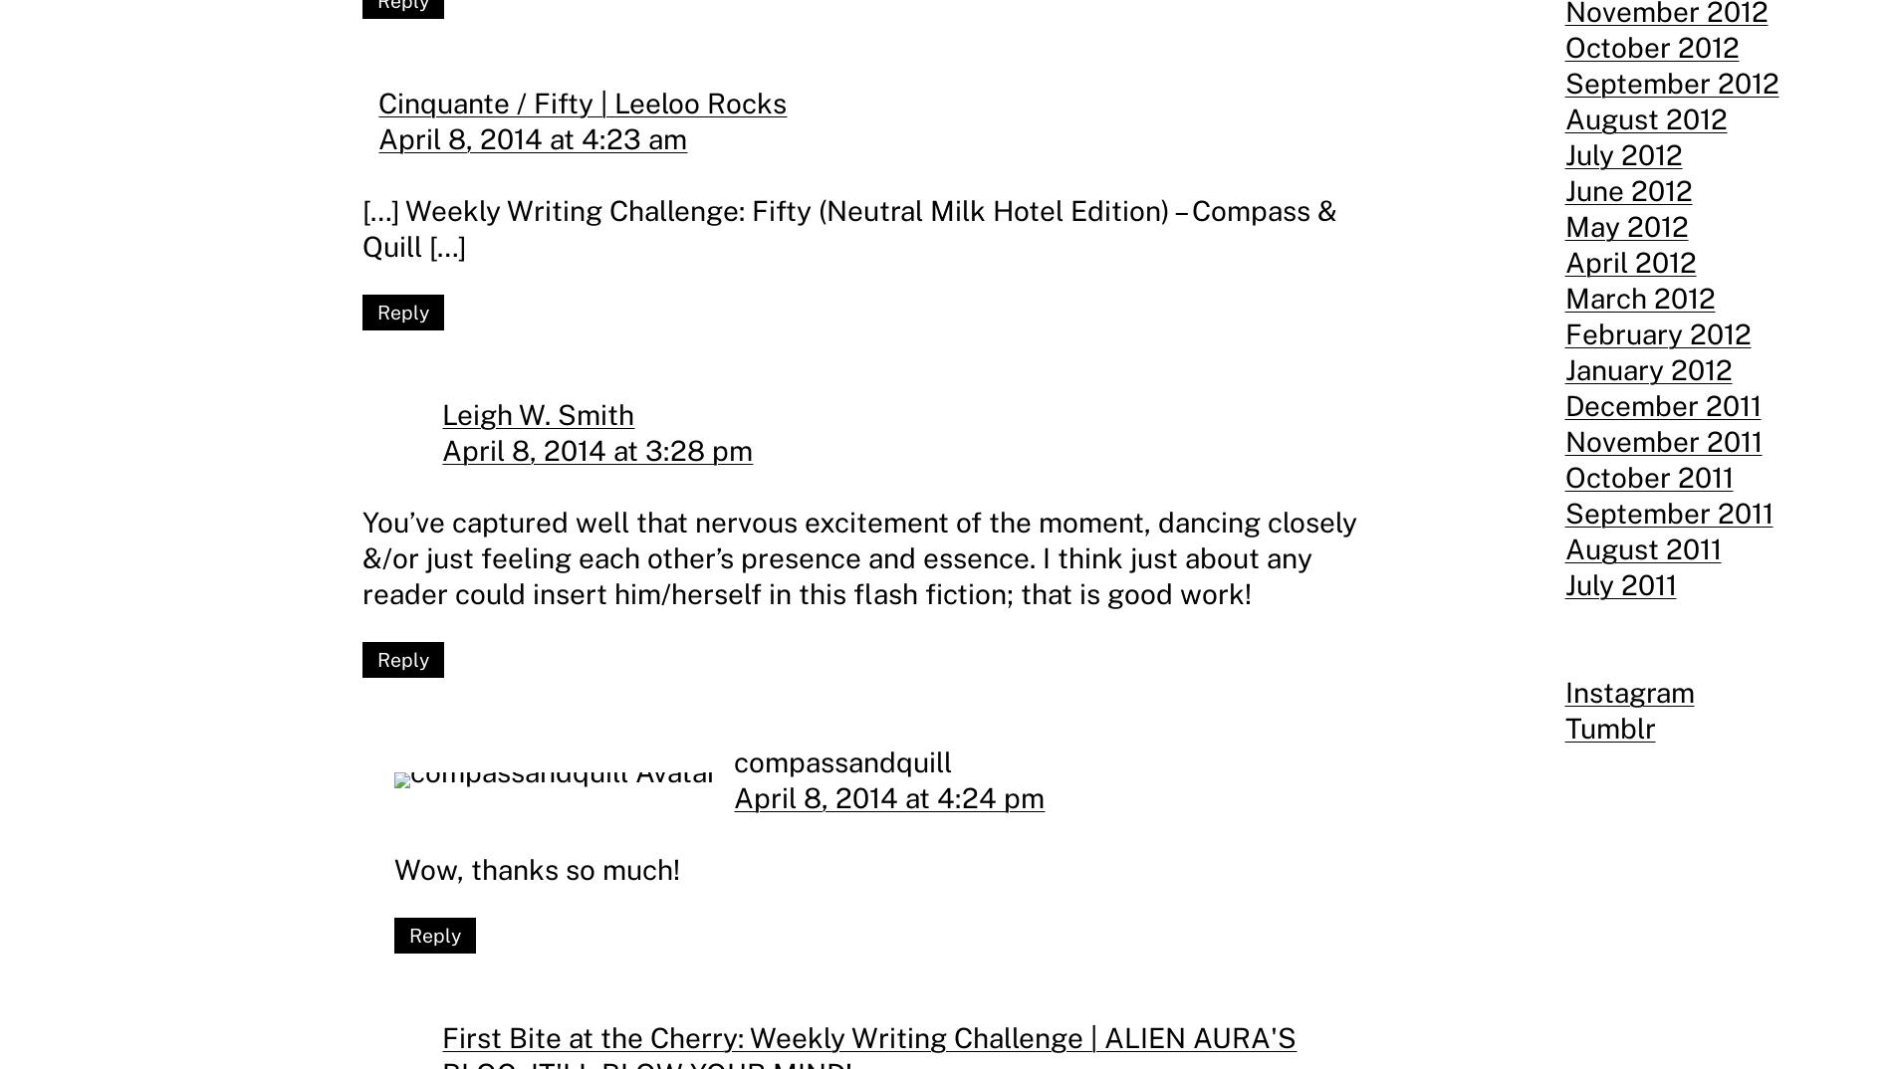 This screenshot has height=1069, width=1892. Describe the element at coordinates (1563, 728) in the screenshot. I see `'Tumblr'` at that location.